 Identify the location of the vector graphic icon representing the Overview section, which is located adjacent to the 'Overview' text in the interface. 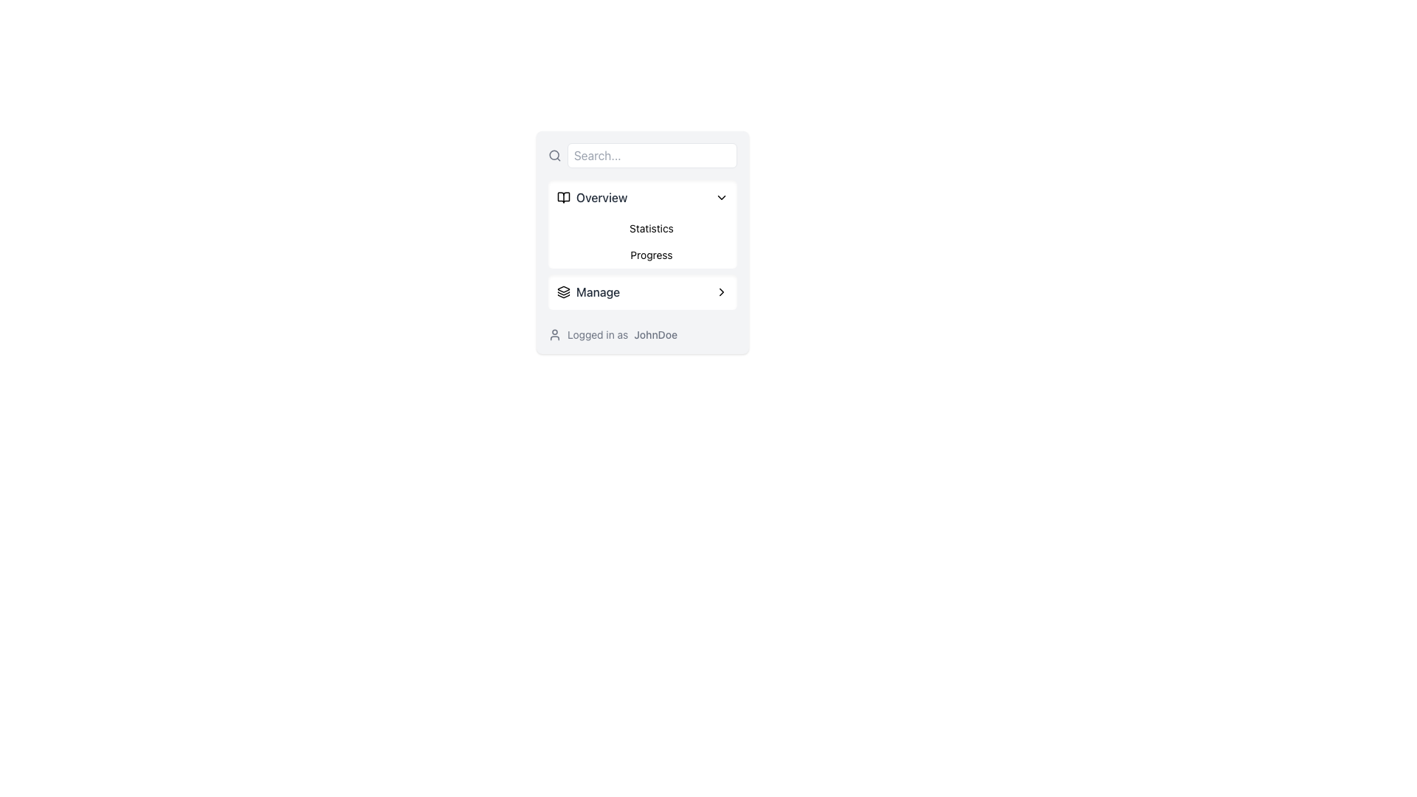
(562, 196).